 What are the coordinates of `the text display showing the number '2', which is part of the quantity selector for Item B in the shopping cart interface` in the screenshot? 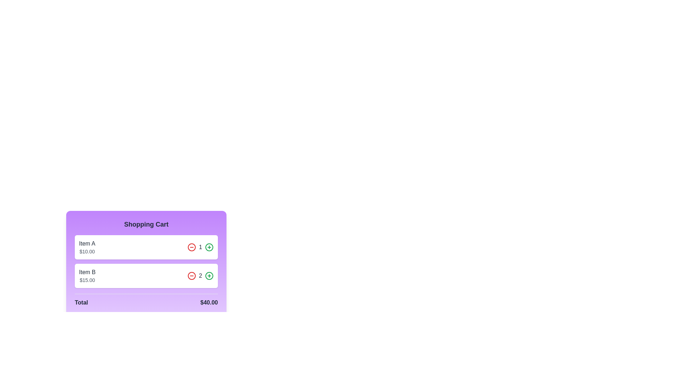 It's located at (200, 275).